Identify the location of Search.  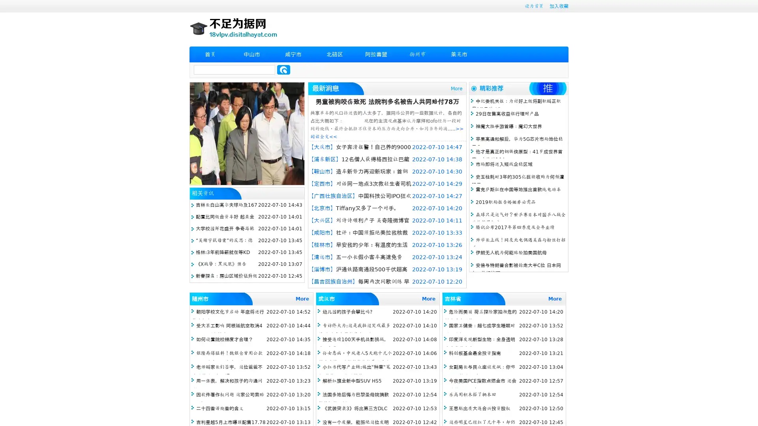
(283, 69).